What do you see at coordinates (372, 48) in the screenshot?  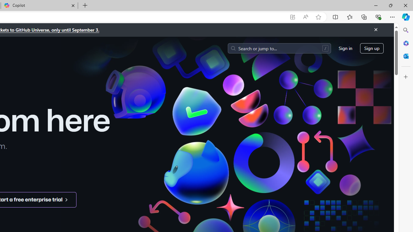 I see `'Sign up'` at bounding box center [372, 48].